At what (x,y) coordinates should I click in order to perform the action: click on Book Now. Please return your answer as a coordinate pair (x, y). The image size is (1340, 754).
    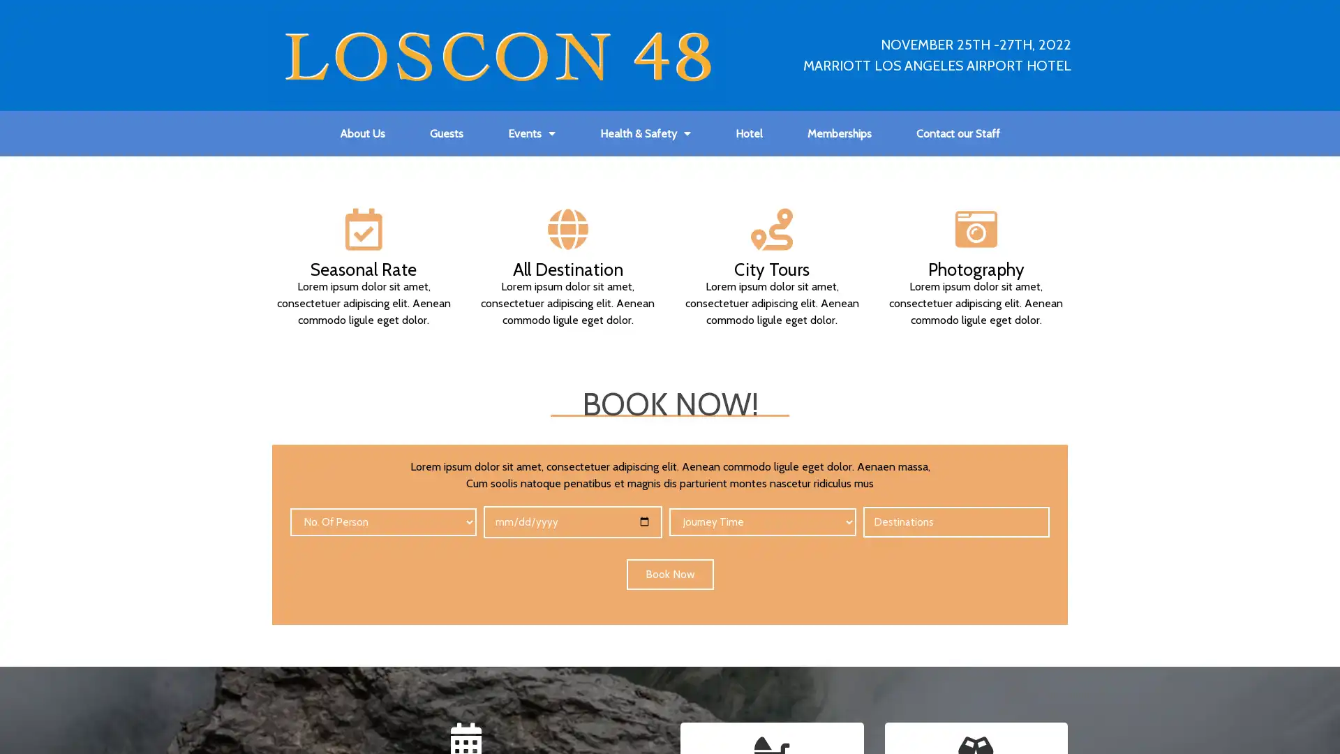
    Looking at the image, I should click on (669, 573).